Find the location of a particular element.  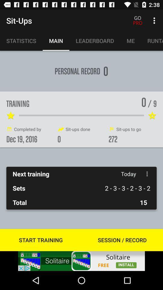

menu page is located at coordinates (147, 174).